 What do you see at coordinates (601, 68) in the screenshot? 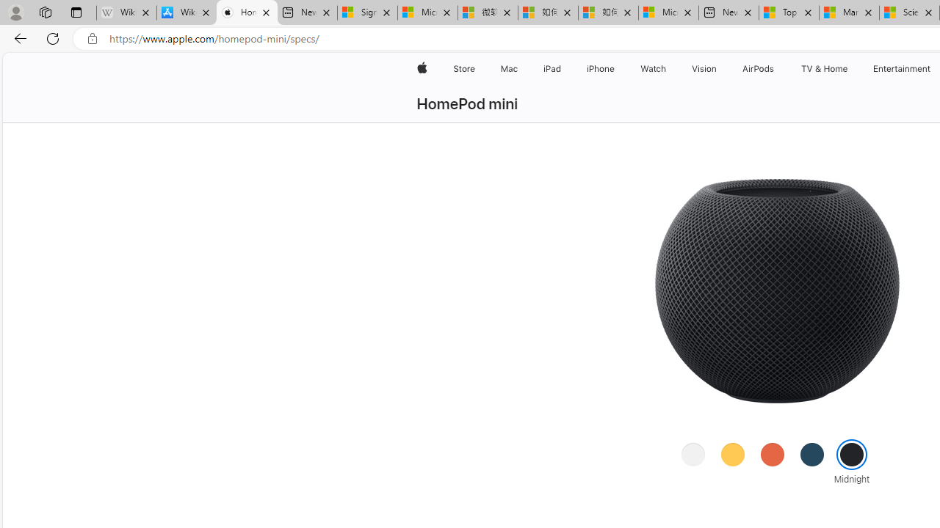
I see `'iPhone'` at bounding box center [601, 68].